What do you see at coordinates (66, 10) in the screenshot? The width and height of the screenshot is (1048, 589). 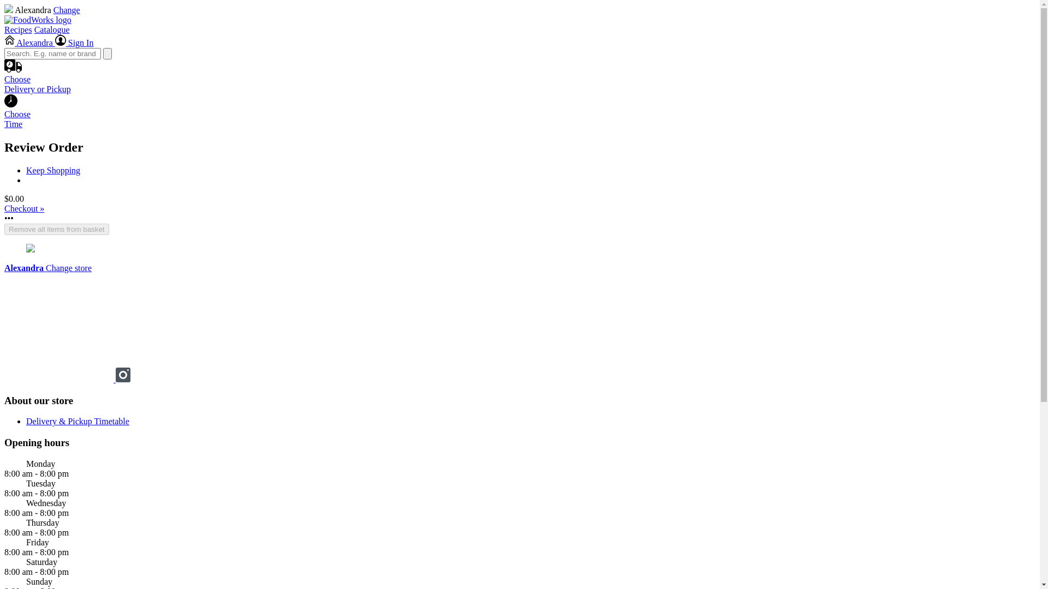 I see `'Change'` at bounding box center [66, 10].